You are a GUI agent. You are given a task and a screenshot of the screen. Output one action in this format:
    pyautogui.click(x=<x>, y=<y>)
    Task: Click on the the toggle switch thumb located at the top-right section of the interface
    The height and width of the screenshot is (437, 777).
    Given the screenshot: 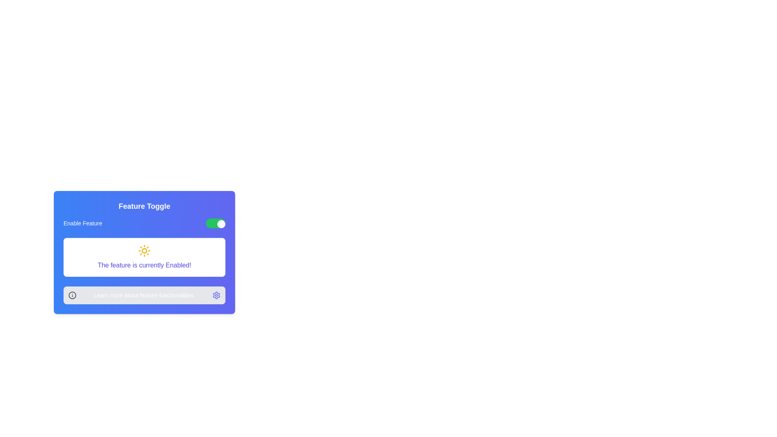 What is the action you would take?
    pyautogui.click(x=221, y=224)
    